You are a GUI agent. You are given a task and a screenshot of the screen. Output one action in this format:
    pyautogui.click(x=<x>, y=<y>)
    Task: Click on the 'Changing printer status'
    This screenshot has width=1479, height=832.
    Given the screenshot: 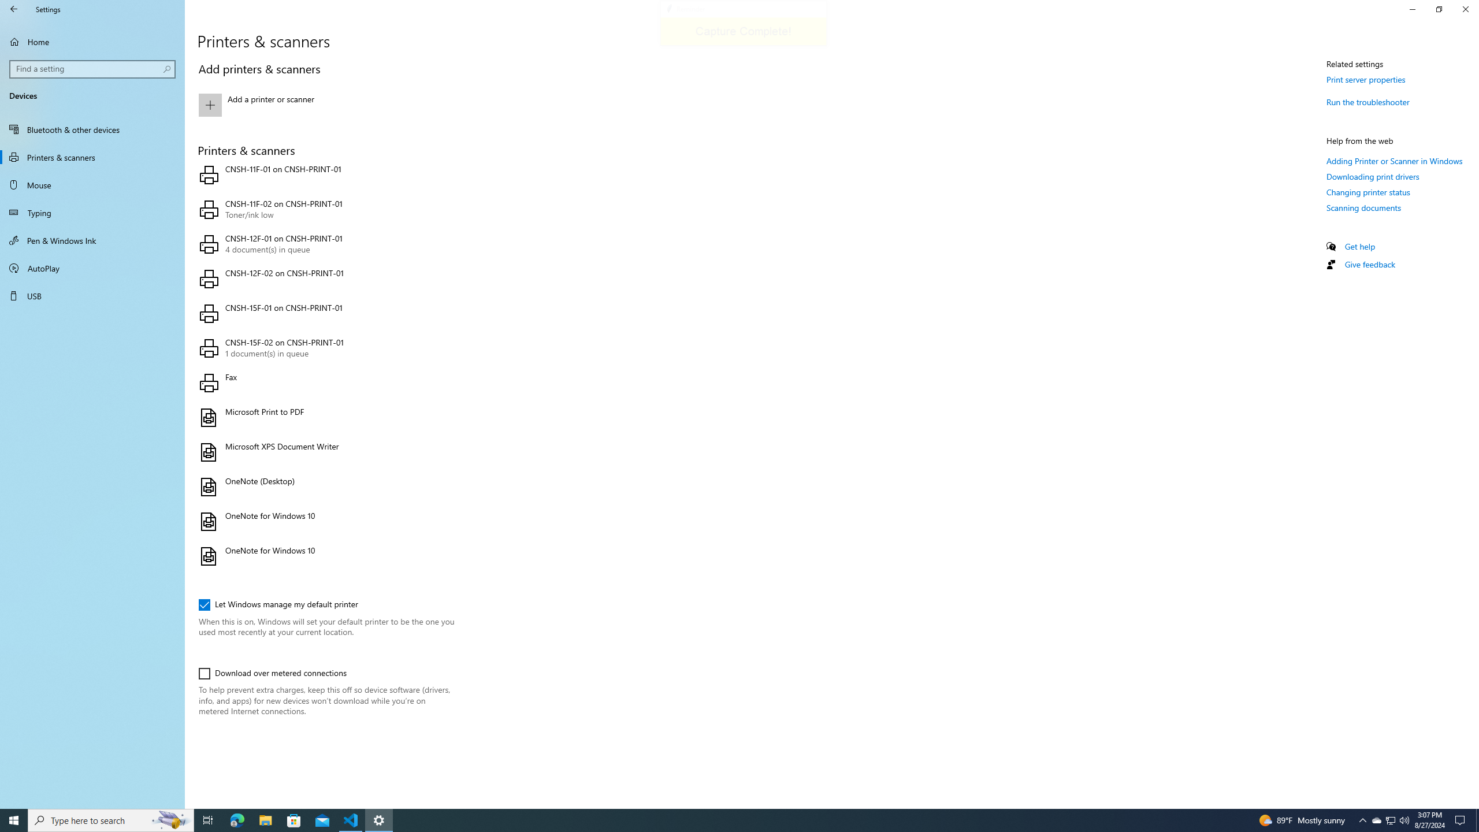 What is the action you would take?
    pyautogui.click(x=1368, y=192)
    